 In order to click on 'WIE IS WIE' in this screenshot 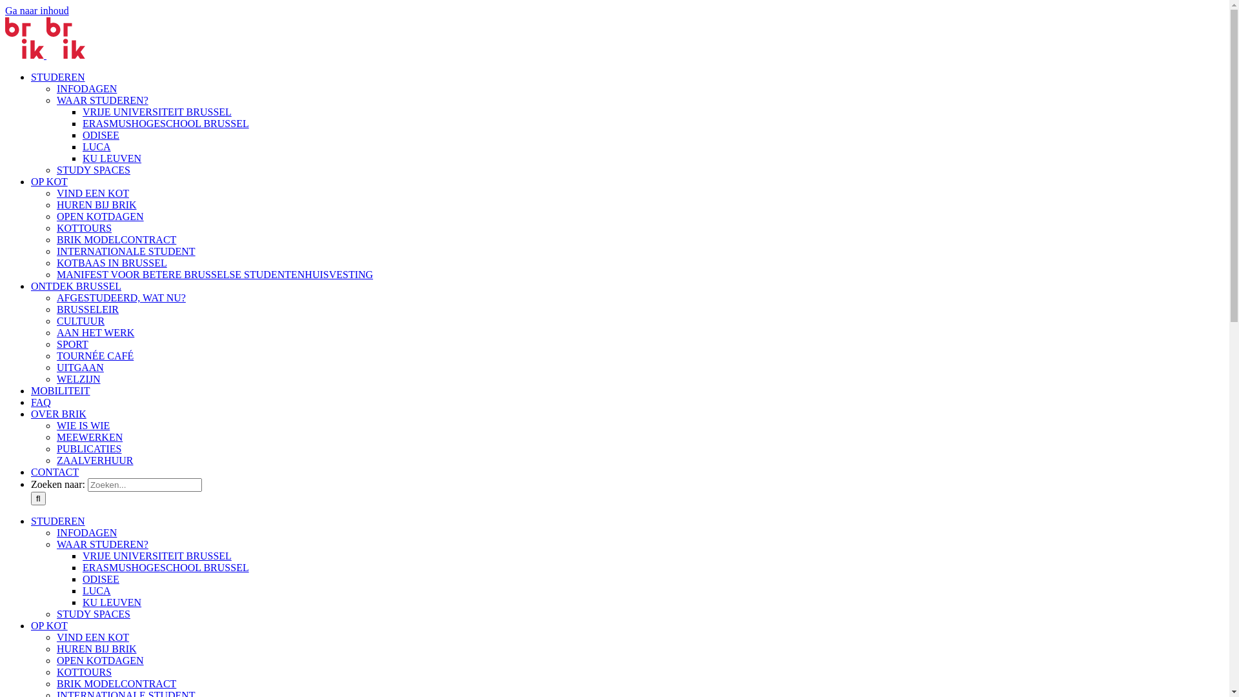, I will do `click(83, 425)`.